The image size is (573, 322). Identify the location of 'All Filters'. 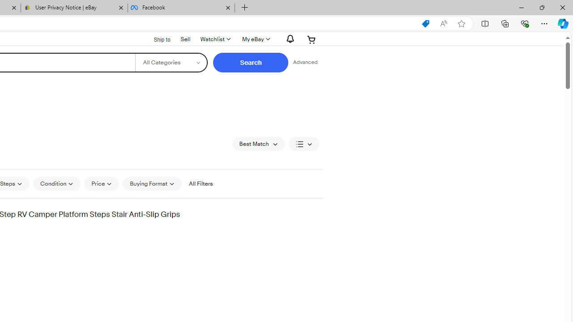
(200, 183).